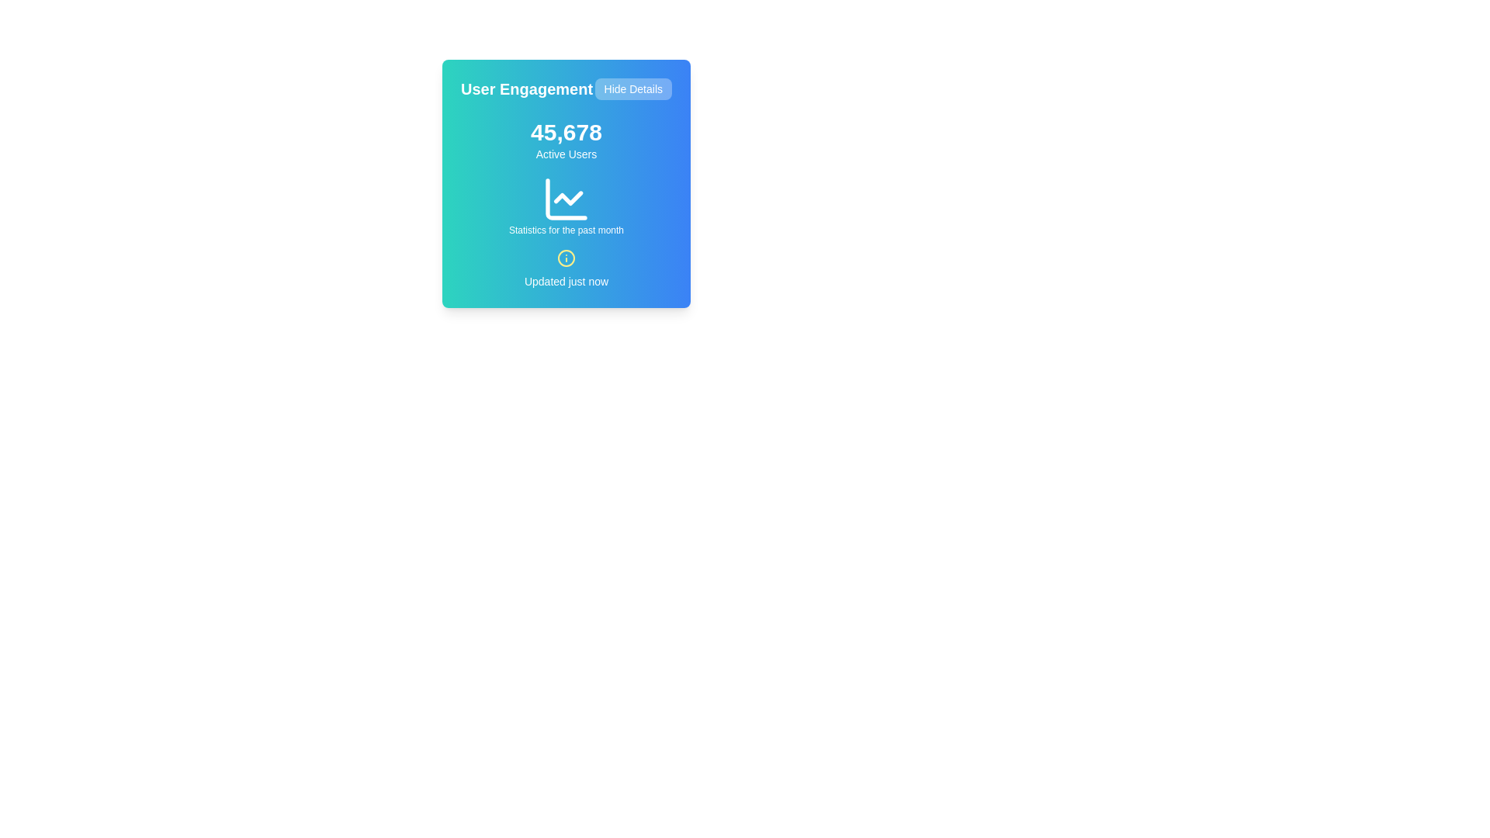 This screenshot has height=838, width=1490. I want to click on the chart line icon located within the 'Statistics for the past month' panel, which is under the 'User Engagement' header, so click(565, 199).